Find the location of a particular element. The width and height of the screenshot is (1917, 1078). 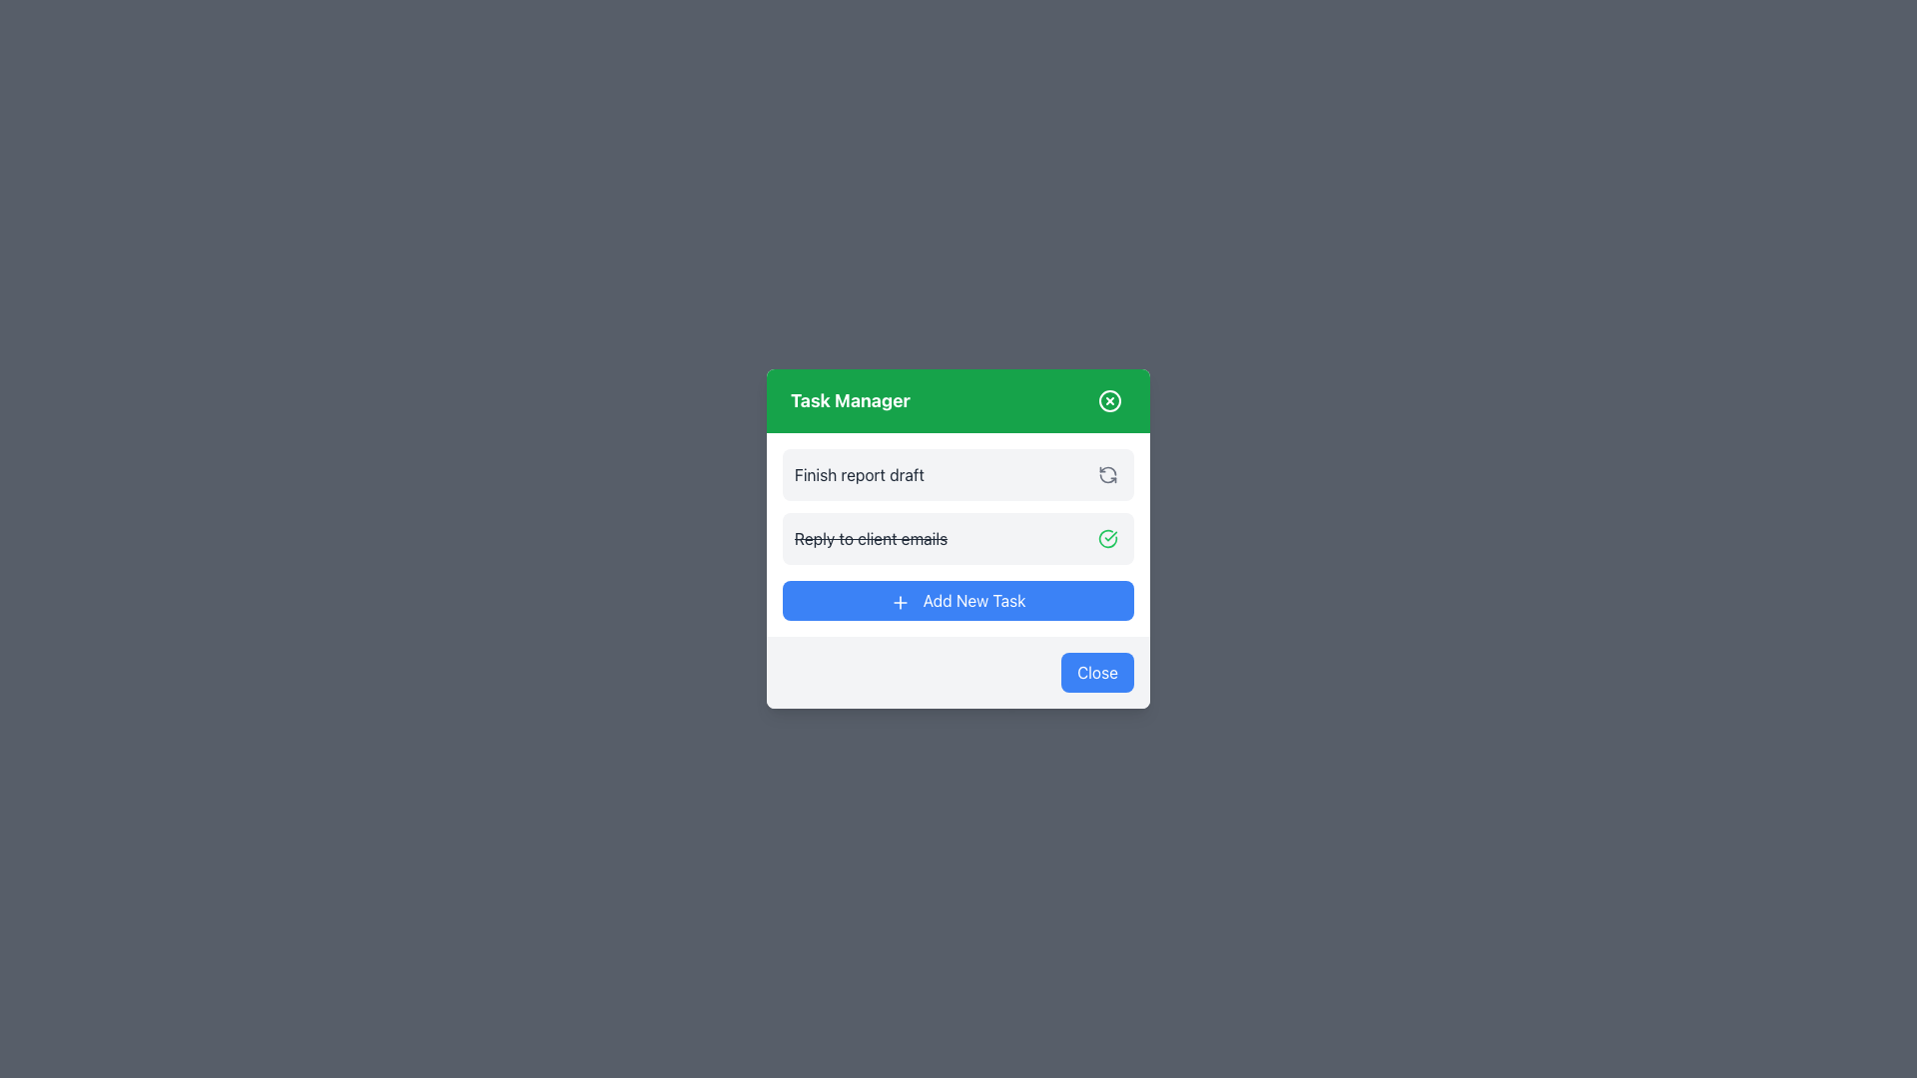

the 'close' icon located in the top-right corner of the green header section of the Task Manager popup to observe the hover effect is located at coordinates (1109, 400).